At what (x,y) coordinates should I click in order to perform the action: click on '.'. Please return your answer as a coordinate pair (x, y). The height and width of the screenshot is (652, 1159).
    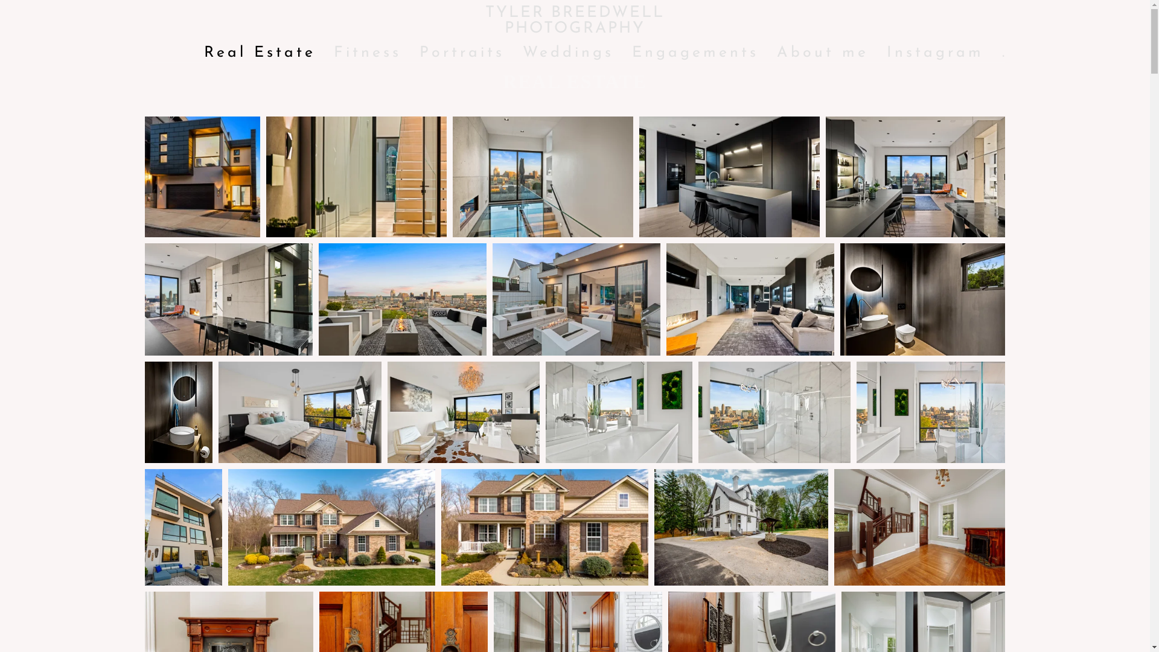
    Looking at the image, I should click on (1004, 52).